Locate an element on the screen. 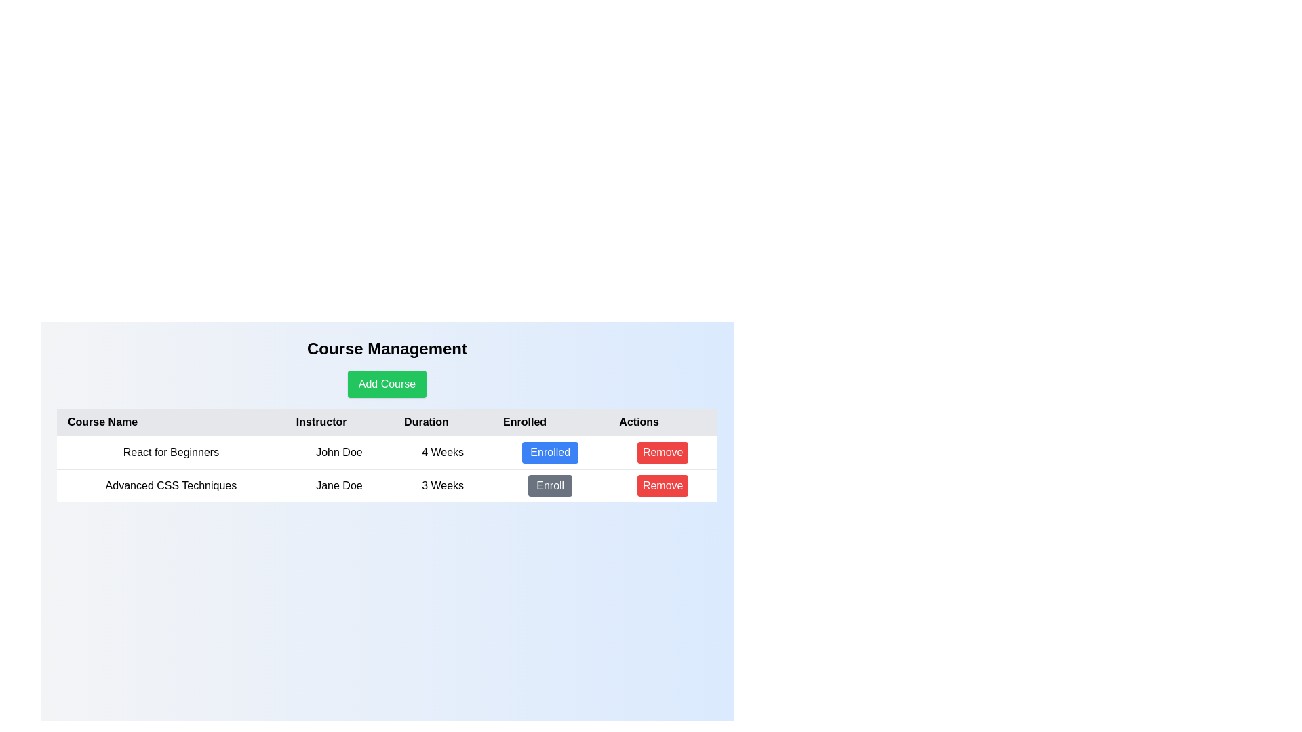 The image size is (1302, 732). the Text label representing the name of a course in the course management system, which is positioned immediately to the left of the text 'John Doe' is located at coordinates (170, 452).